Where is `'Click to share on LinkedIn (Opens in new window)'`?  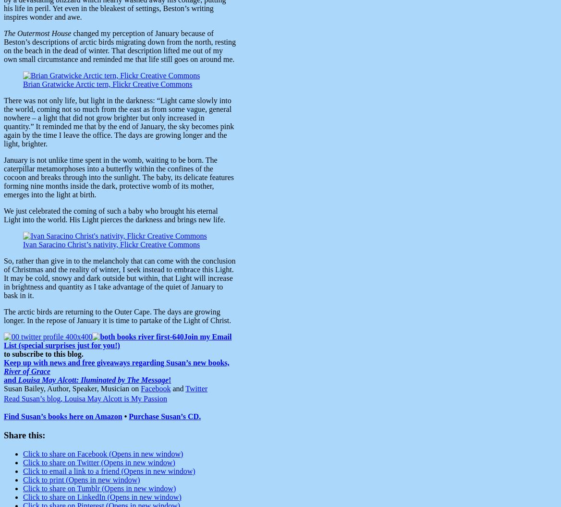
'Click to share on LinkedIn (Opens in new window)' is located at coordinates (102, 496).